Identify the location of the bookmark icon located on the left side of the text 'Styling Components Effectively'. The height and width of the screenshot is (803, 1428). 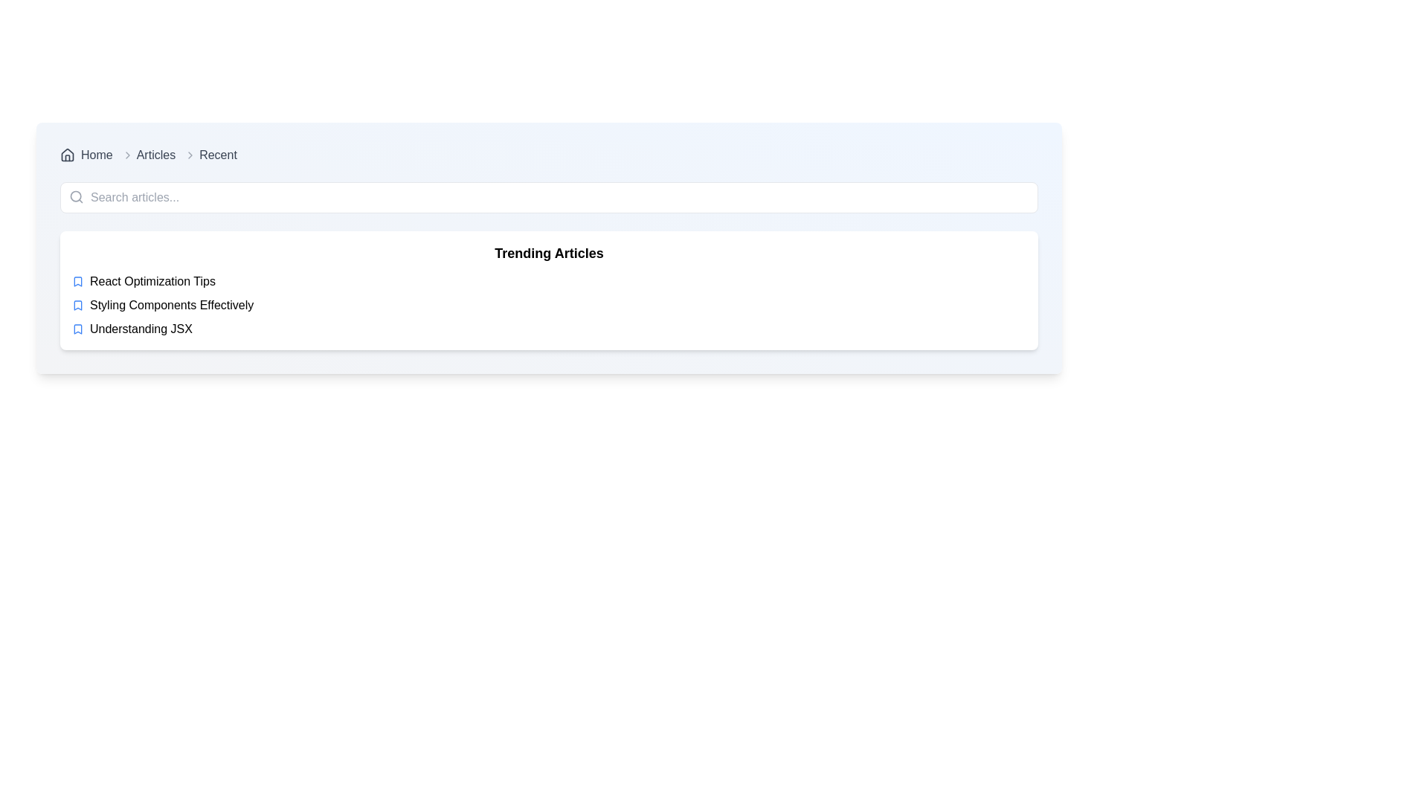
(77, 305).